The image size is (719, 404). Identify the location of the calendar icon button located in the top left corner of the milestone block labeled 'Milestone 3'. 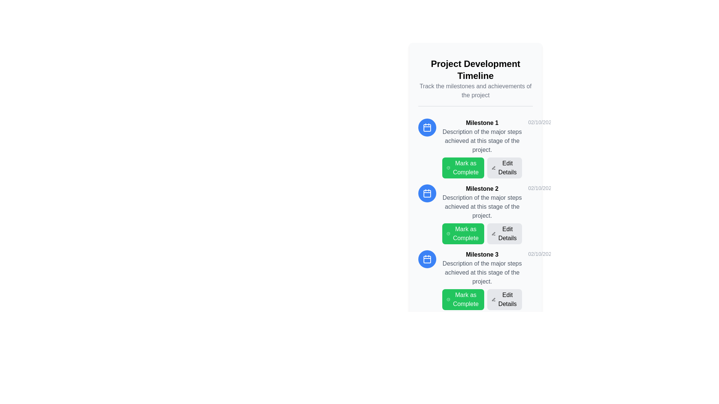
(427, 259).